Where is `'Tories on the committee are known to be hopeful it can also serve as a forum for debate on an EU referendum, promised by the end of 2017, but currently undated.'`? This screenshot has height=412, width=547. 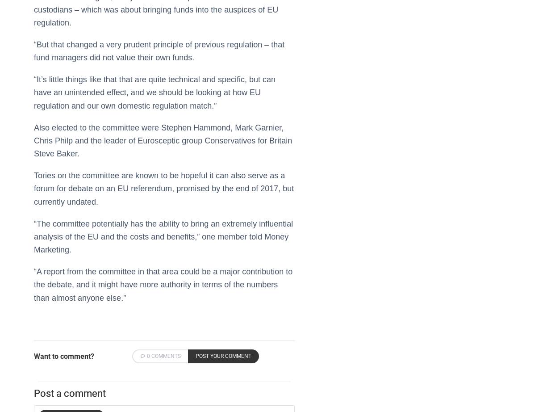
'Tories on the committee are known to be hopeful it can also serve as a forum for debate on an EU referendum, promised by the end of 2017, but currently undated.' is located at coordinates (164, 188).